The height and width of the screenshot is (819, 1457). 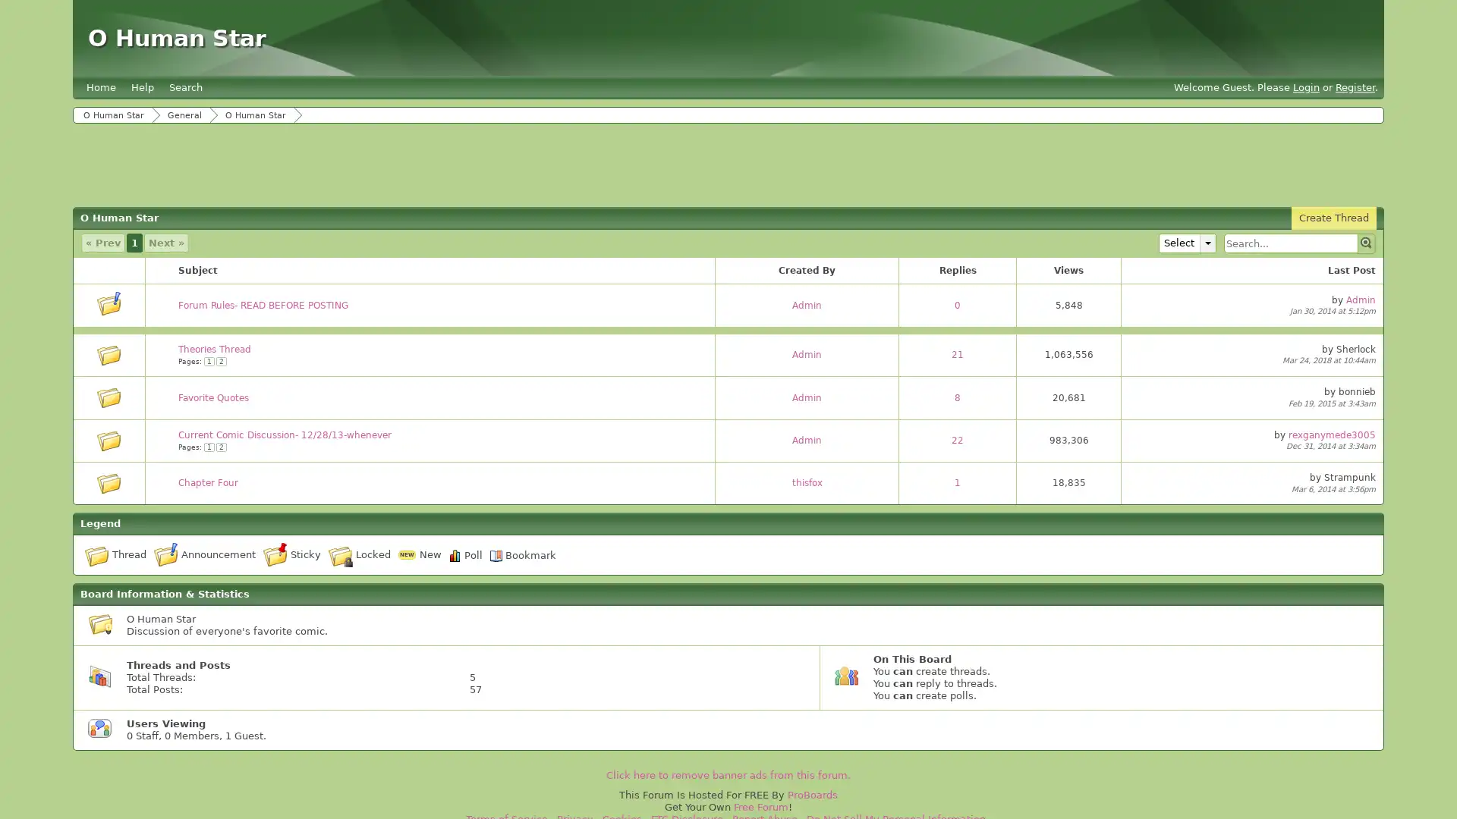 I want to click on Create Thread, so click(x=1333, y=218).